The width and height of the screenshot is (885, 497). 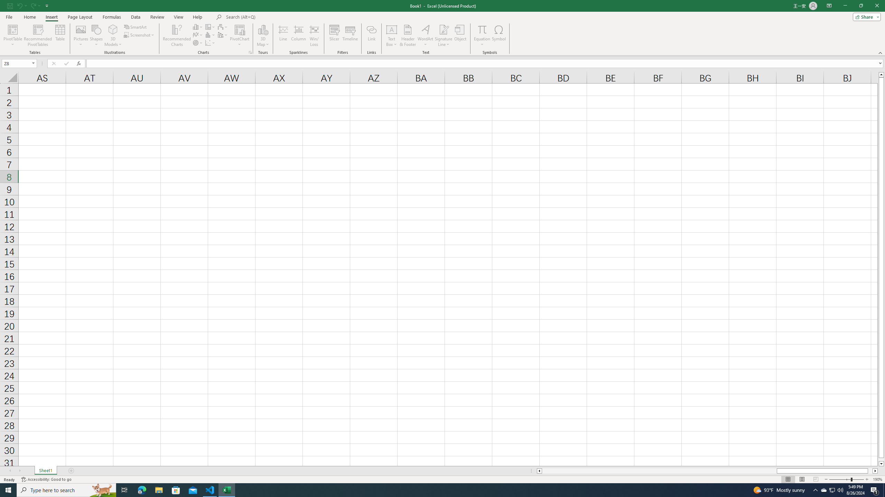 I want to click on 'Win/Loss', so click(x=314, y=36).